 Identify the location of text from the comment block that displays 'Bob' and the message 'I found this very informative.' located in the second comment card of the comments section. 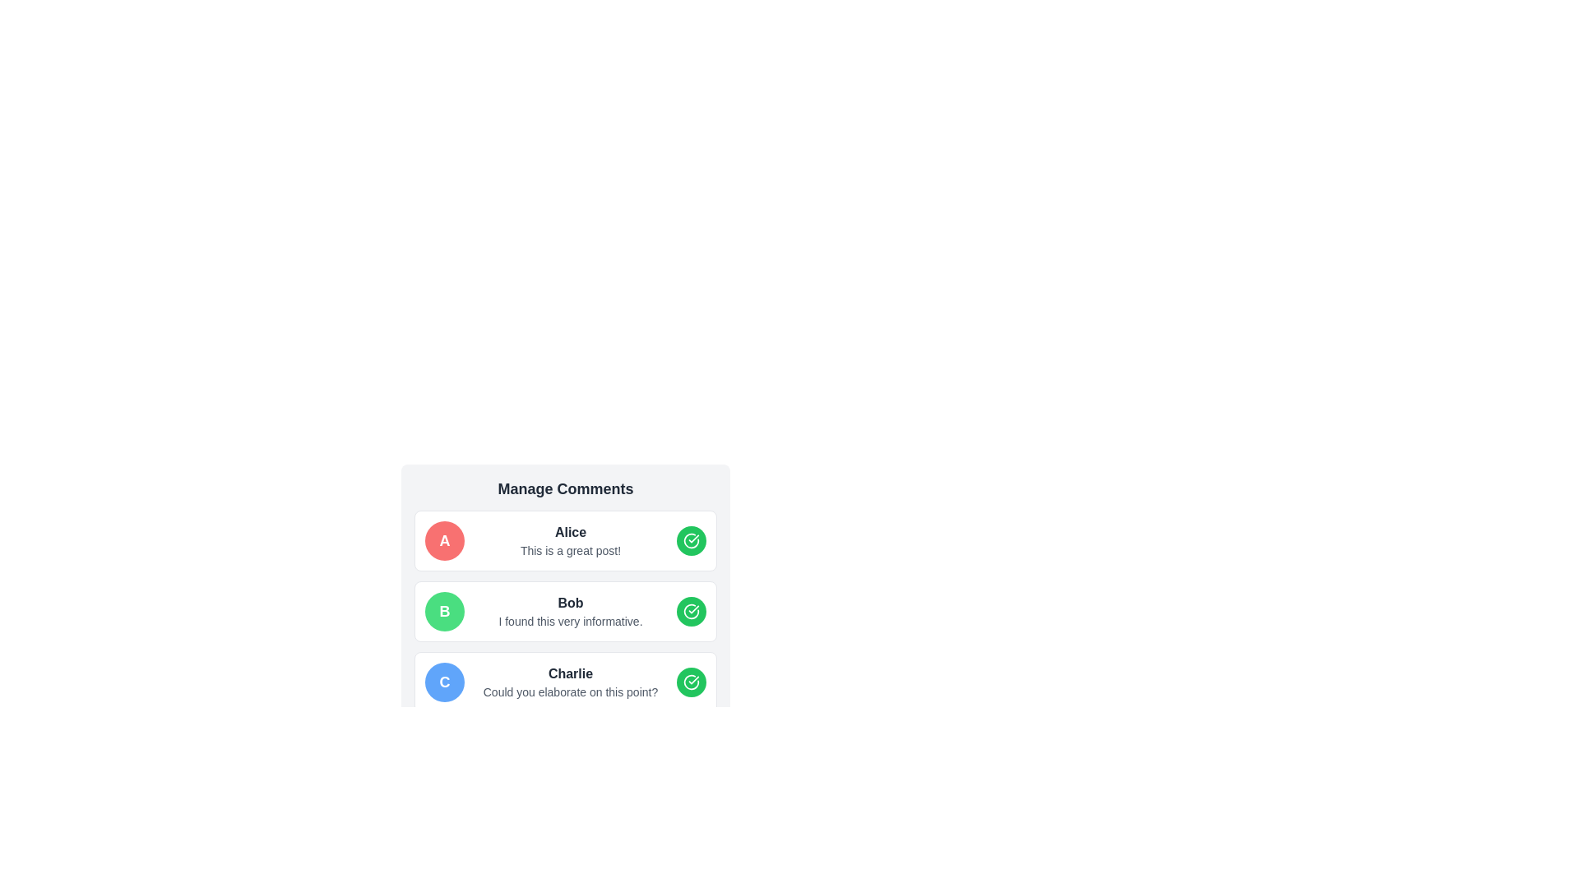
(571, 612).